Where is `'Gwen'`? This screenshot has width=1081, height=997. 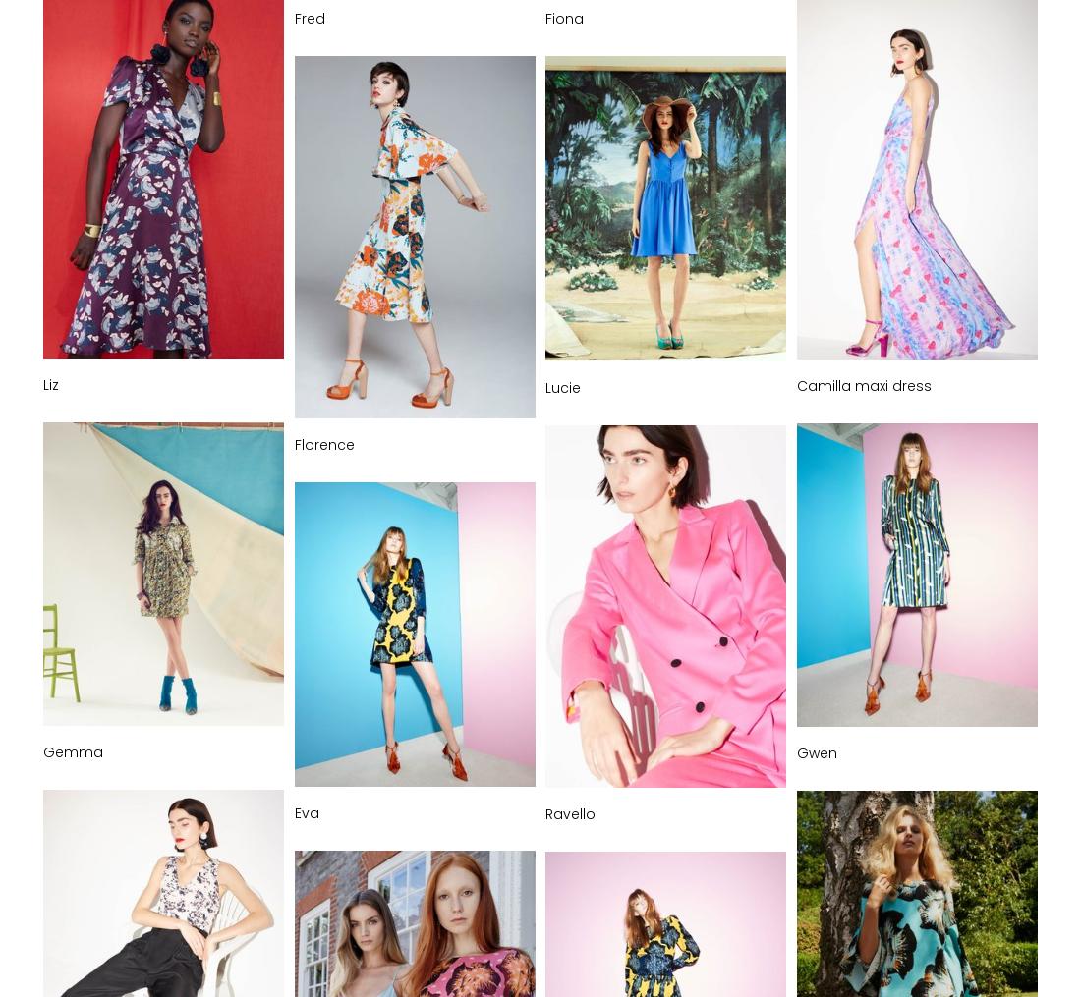
'Gwen' is located at coordinates (816, 752).